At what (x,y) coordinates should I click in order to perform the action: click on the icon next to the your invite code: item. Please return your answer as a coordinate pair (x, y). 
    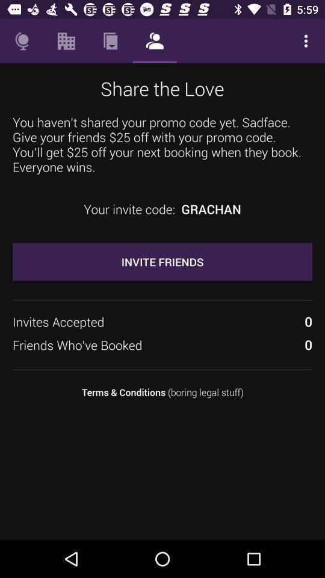
    Looking at the image, I should click on (211, 209).